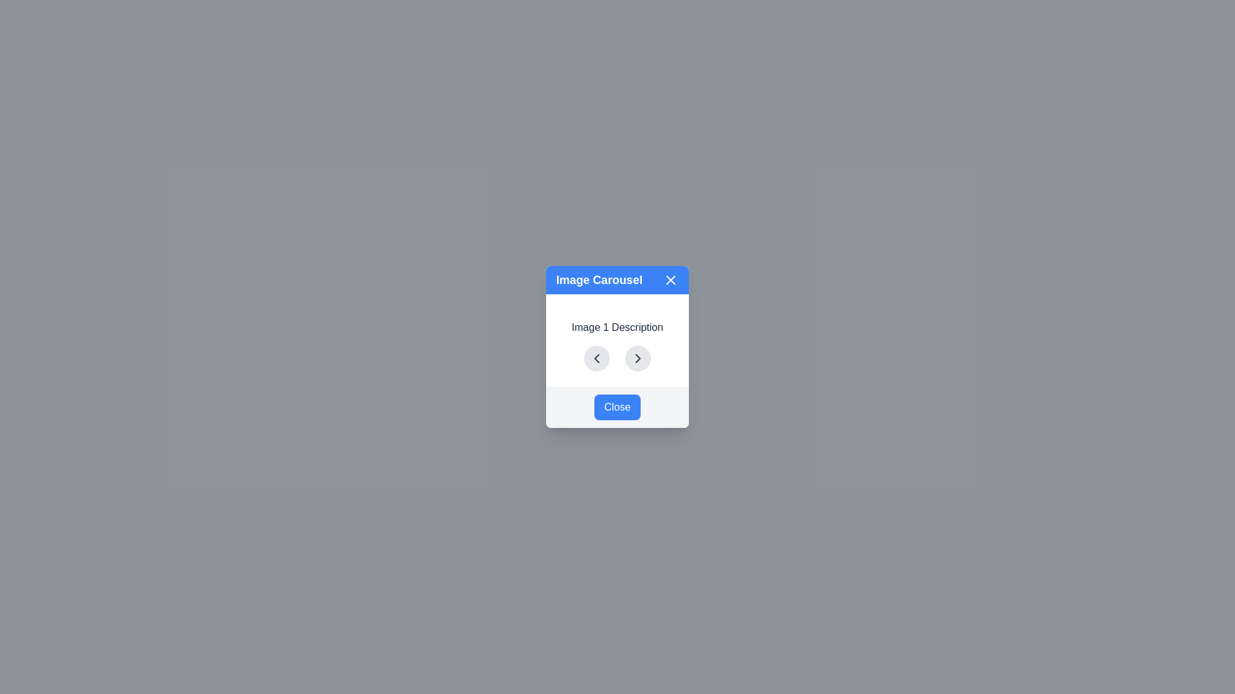 This screenshot has width=1235, height=694. What do you see at coordinates (596, 359) in the screenshot?
I see `the left-pointing chevron icon within the rounded button in the 'Image Carousel' dialog to trigger focus highlight` at bounding box center [596, 359].